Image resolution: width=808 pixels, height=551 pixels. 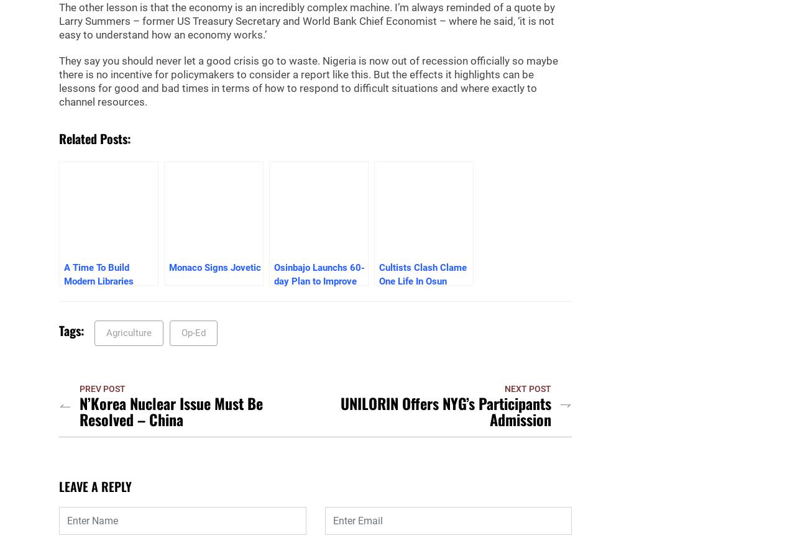 What do you see at coordinates (71, 330) in the screenshot?
I see `'Tags:'` at bounding box center [71, 330].